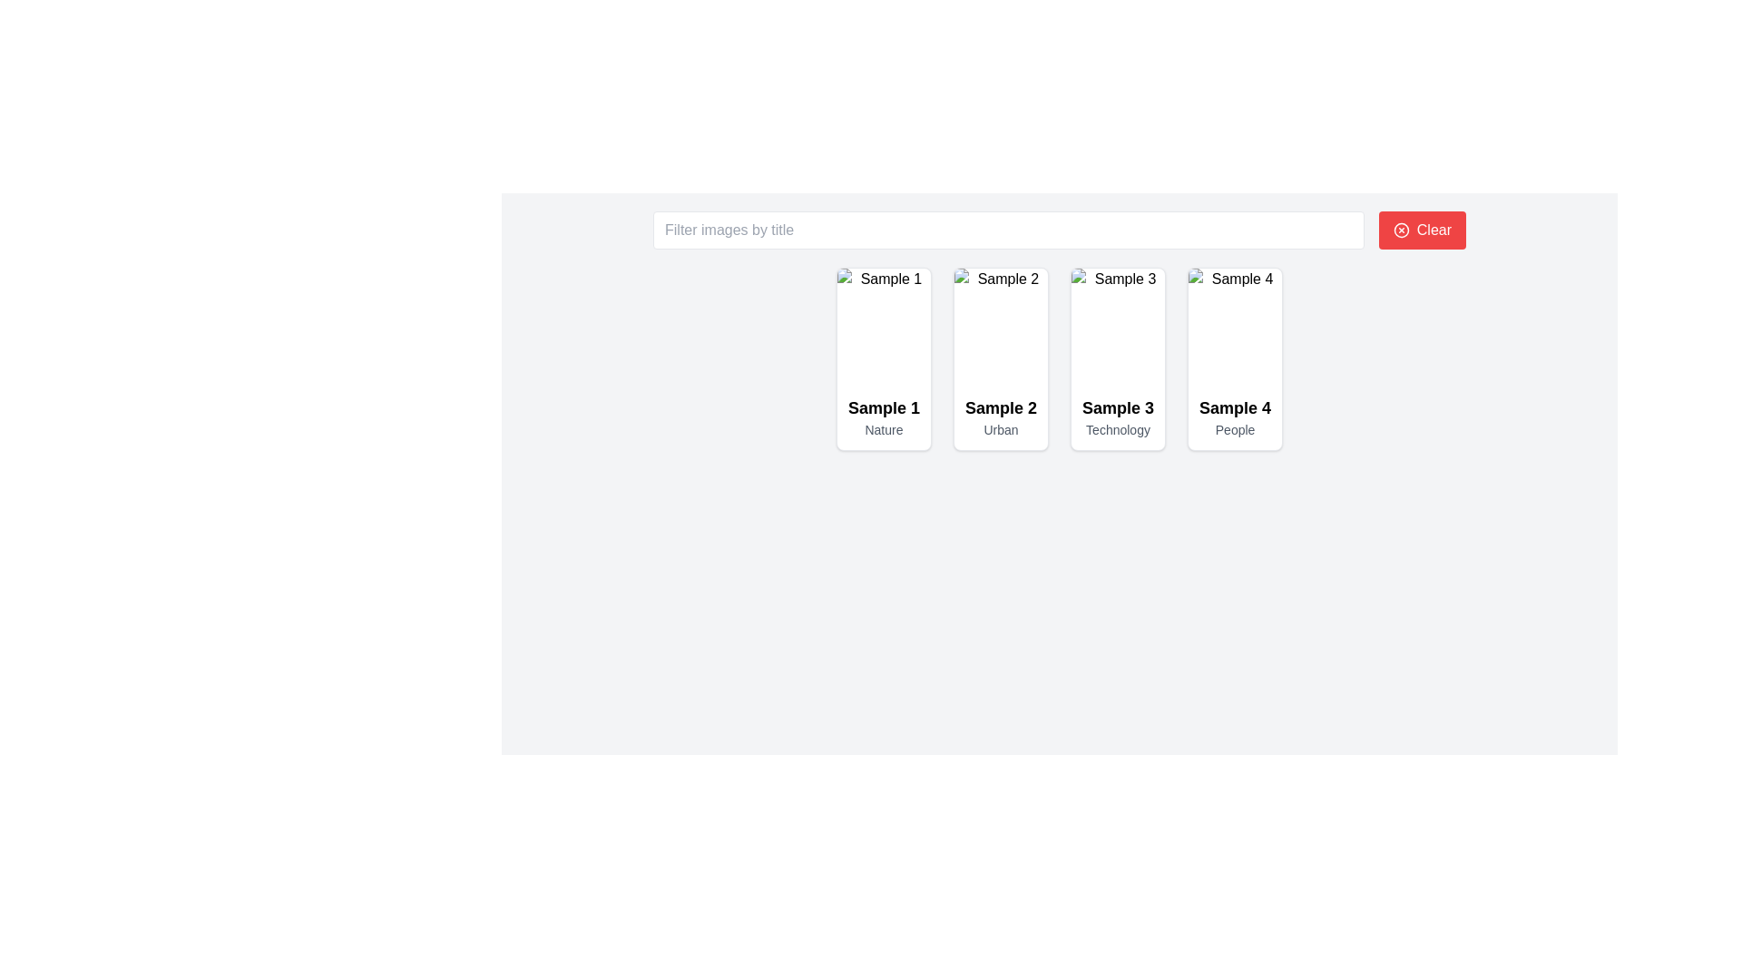 The image size is (1742, 980). I want to click on the first card in the grid layout, so click(884, 359).